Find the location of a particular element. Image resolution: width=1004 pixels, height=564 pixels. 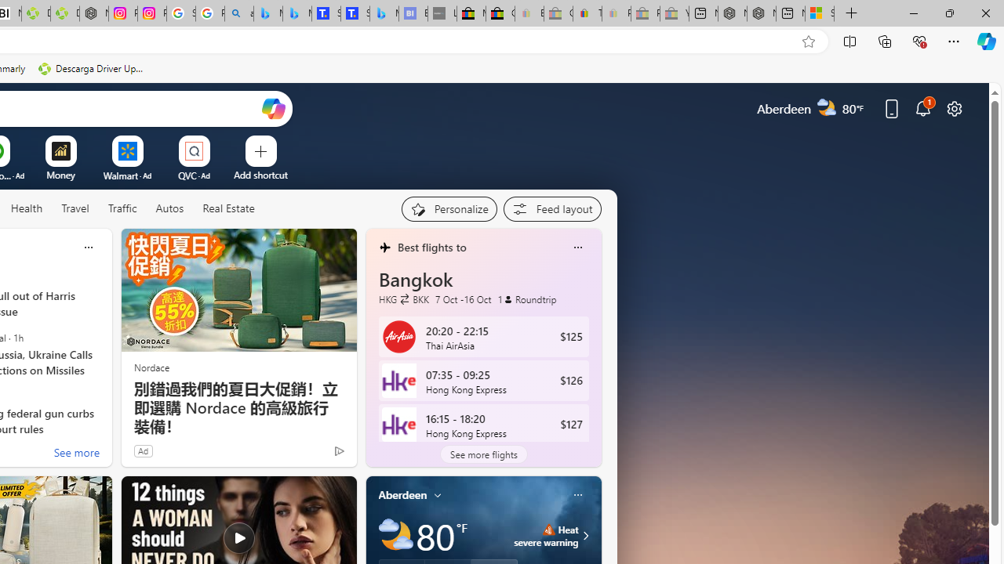

'Thai AirAsia (FD 505) Thai AirAsia 20:20 - 22:15 $125' is located at coordinates (482, 335).